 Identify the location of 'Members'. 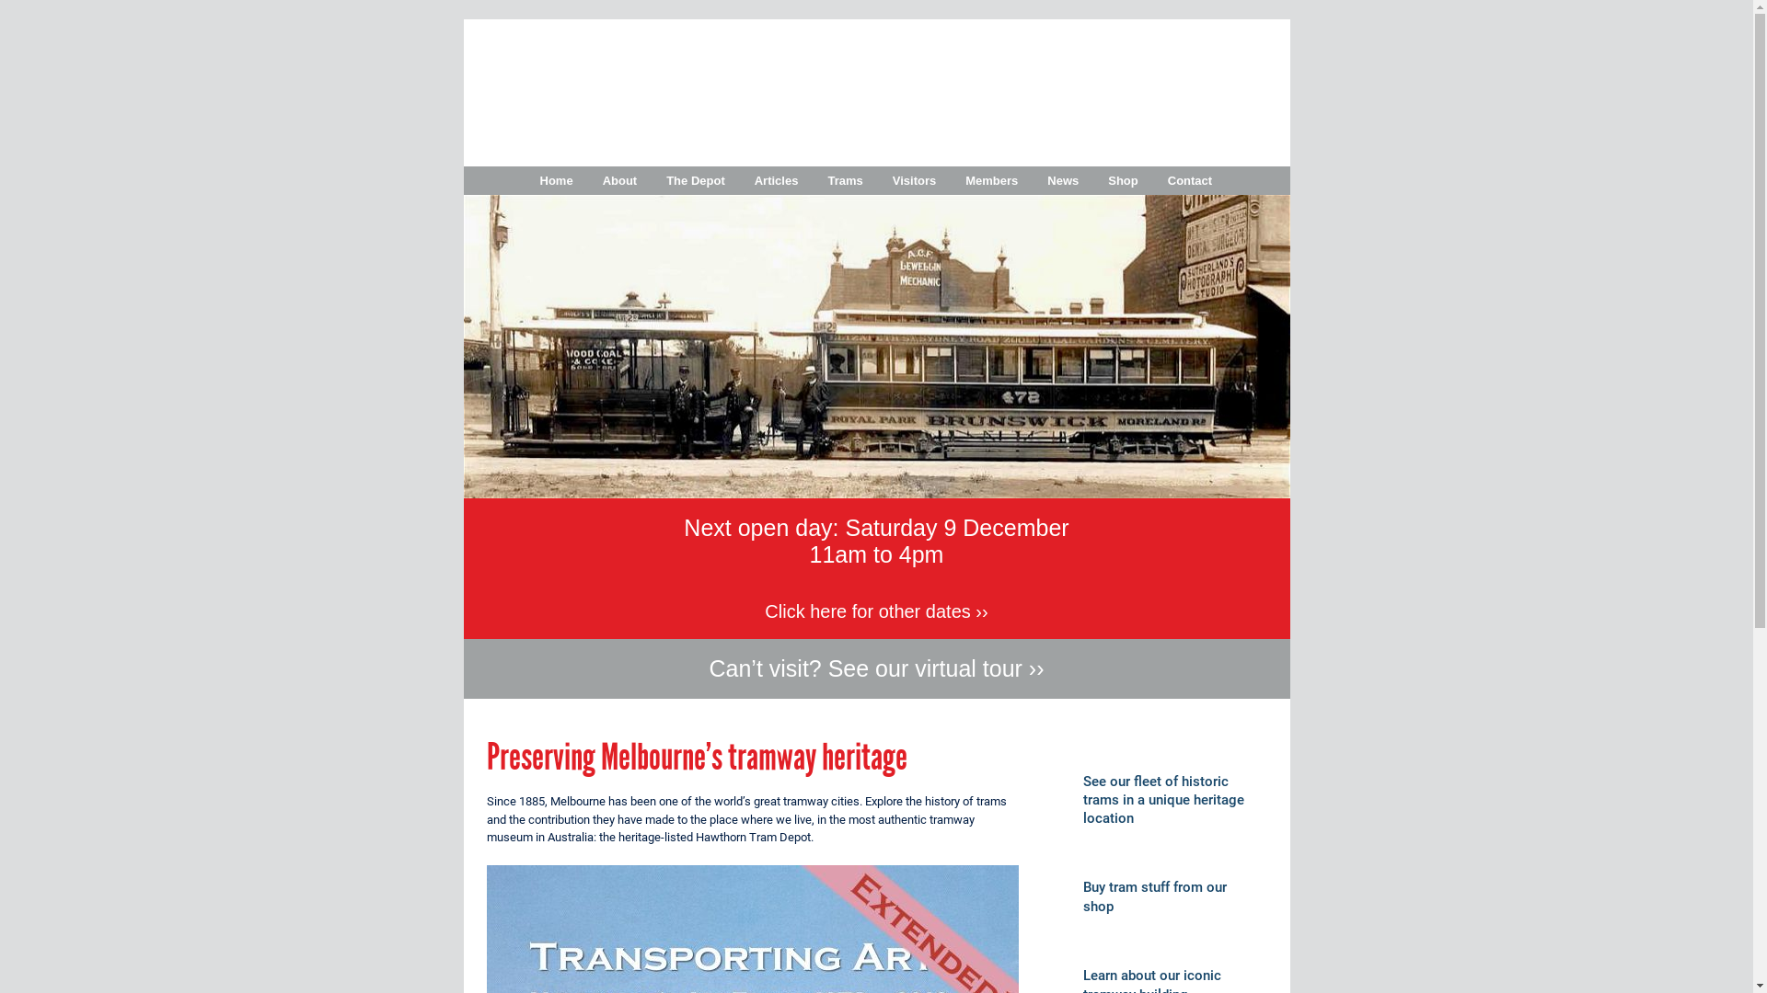
(990, 180).